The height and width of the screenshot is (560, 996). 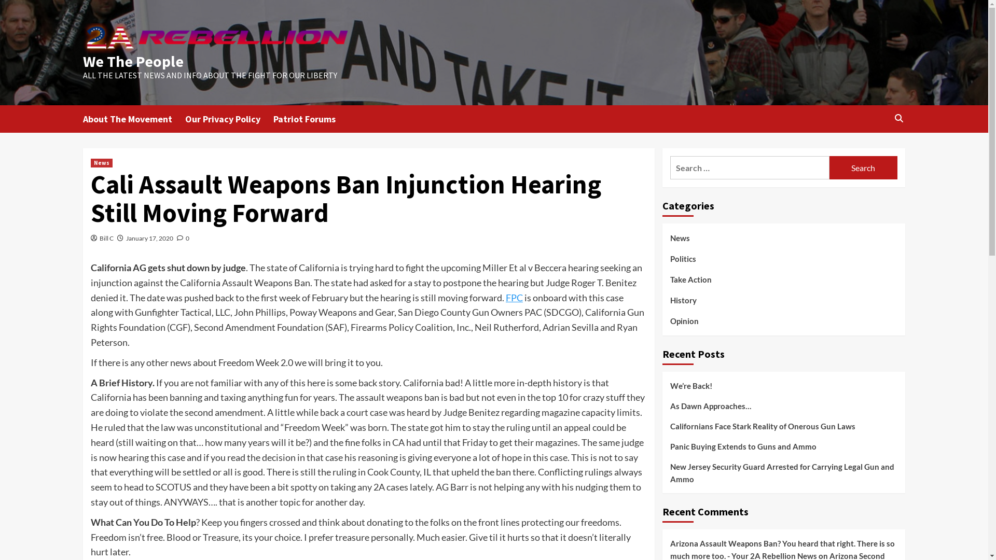 What do you see at coordinates (828, 167) in the screenshot?
I see `'Search'` at bounding box center [828, 167].